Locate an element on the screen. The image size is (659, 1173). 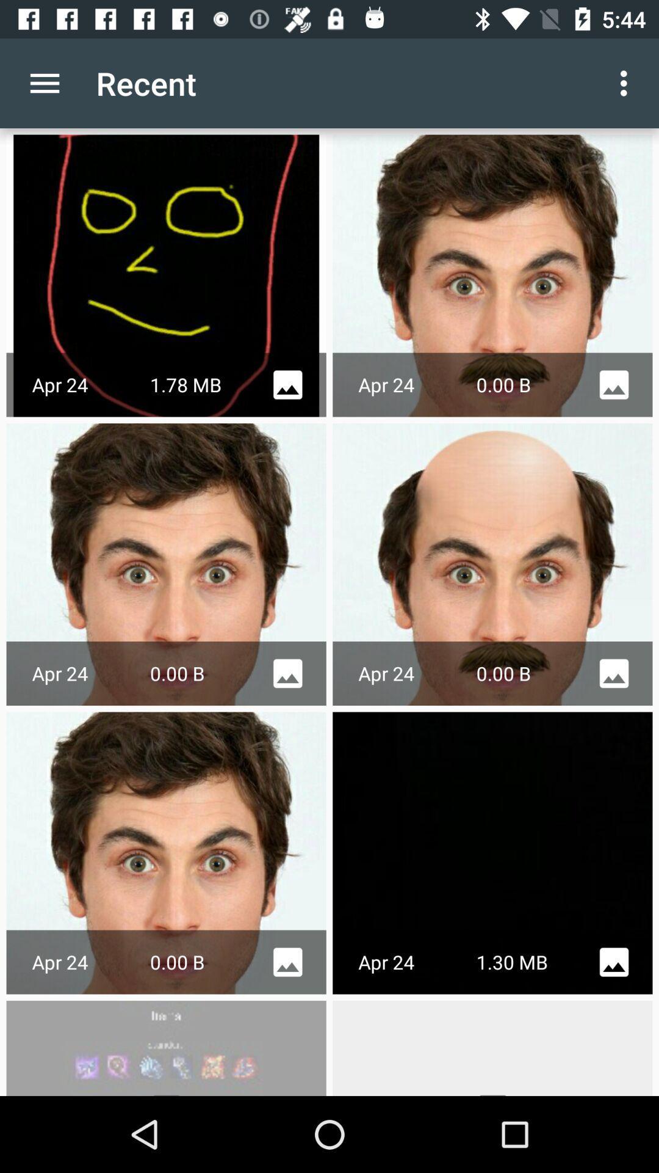
the image having text  apr 24   130 mb is located at coordinates (492, 852).